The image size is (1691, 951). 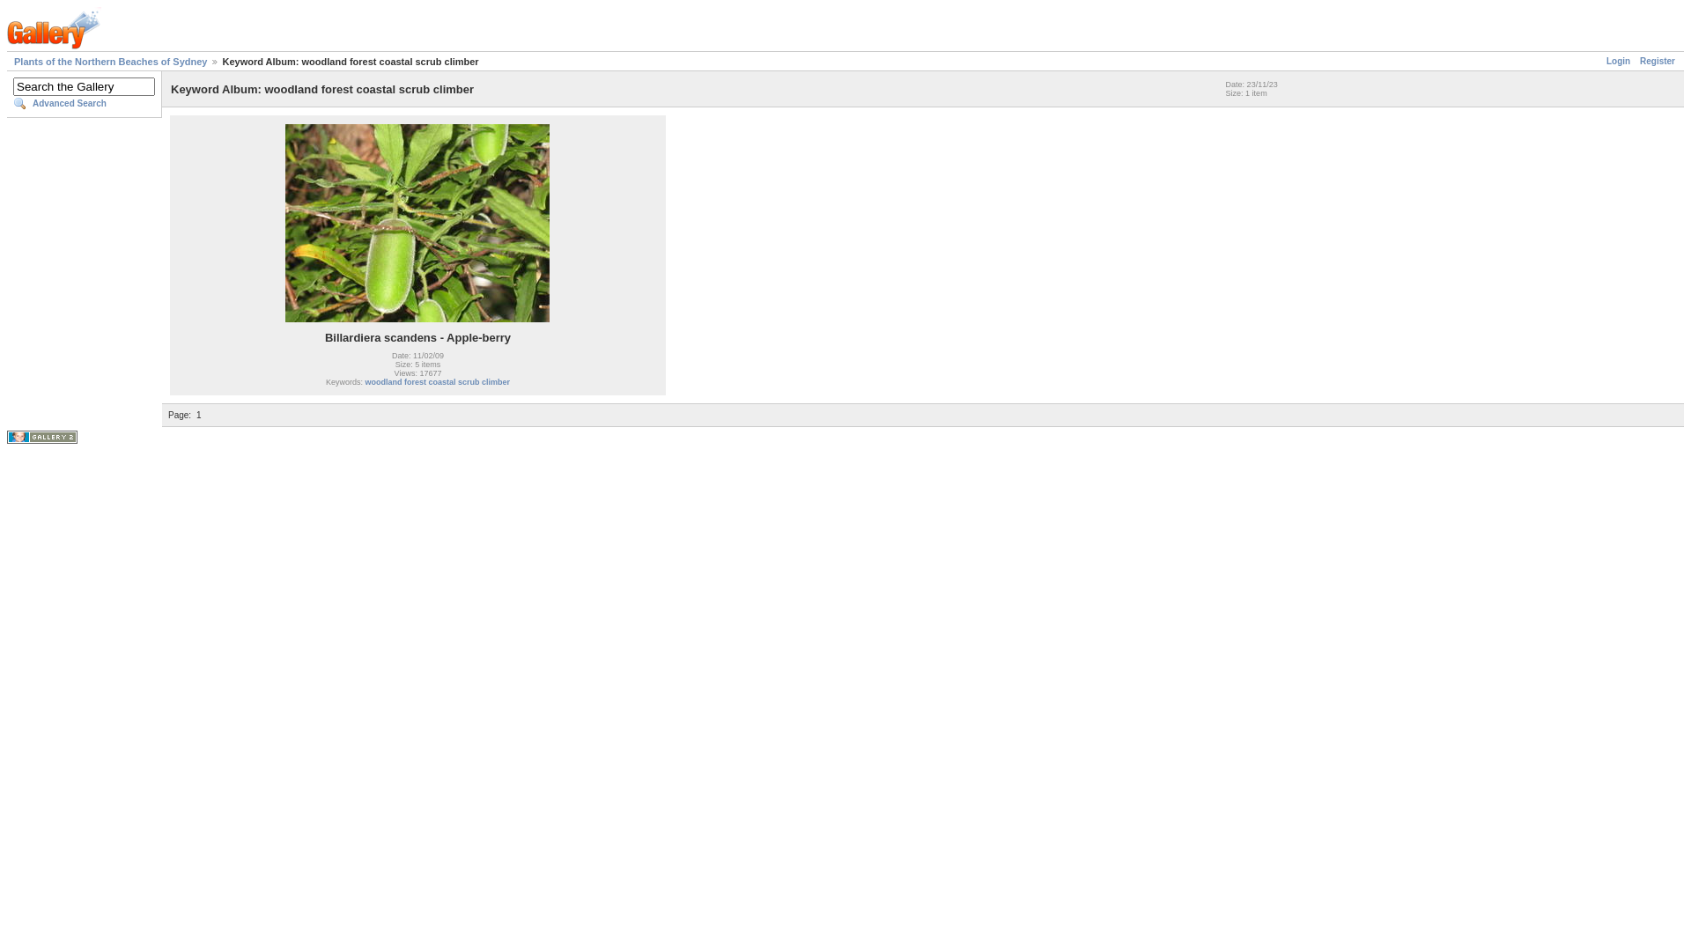 I want to click on 'Plants of the Northern Beaches of Sydney', so click(x=109, y=60).